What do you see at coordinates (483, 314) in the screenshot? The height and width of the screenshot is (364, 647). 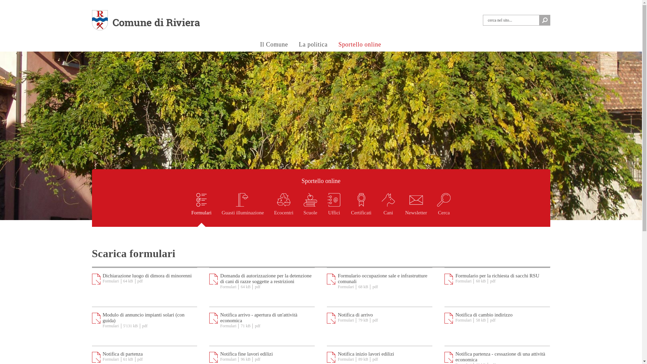 I see `'Notifica di cambio indirizzo'` at bounding box center [483, 314].